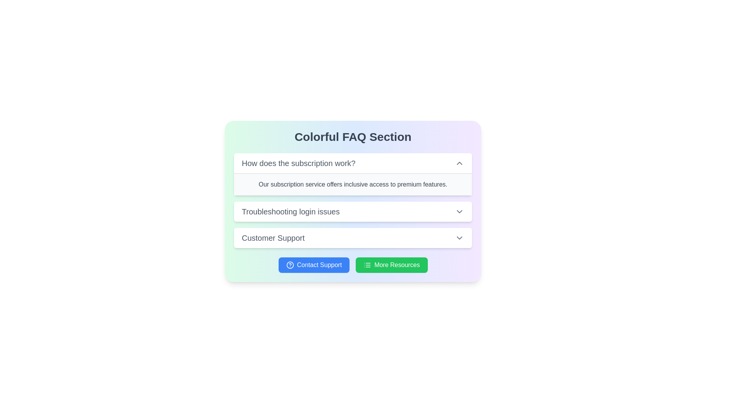 This screenshot has width=744, height=418. Describe the element at coordinates (314, 265) in the screenshot. I see `the blue rectangular button labeled 'Contact Support' located at the bottom center of the interface` at that location.